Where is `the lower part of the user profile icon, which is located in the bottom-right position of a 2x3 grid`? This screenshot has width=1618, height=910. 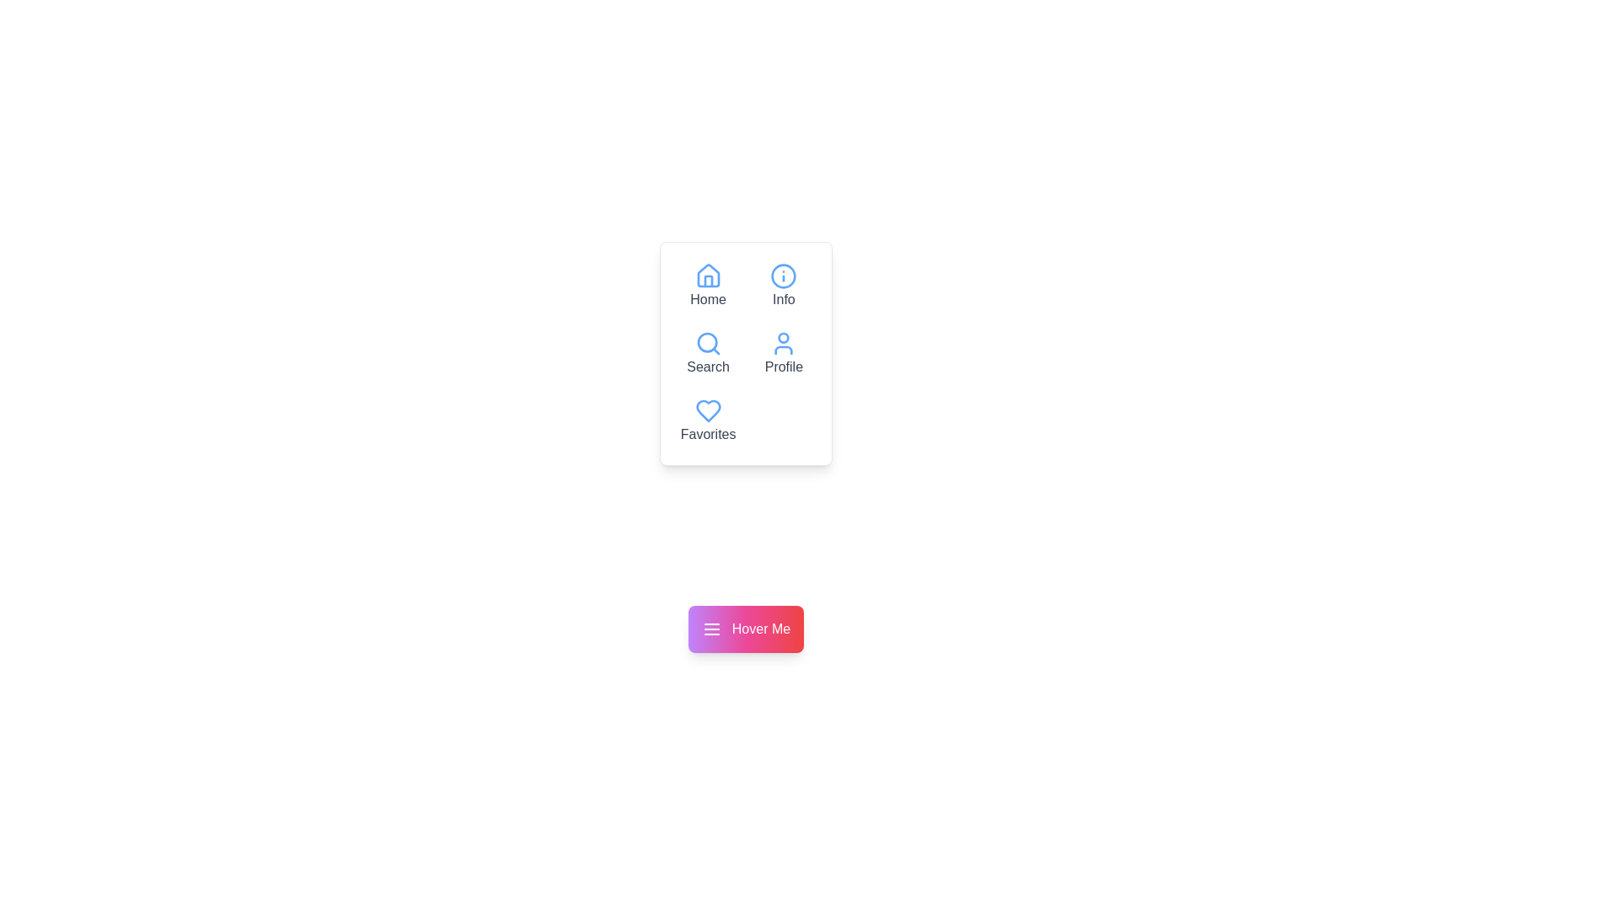 the lower part of the user profile icon, which is located in the bottom-right position of a 2x3 grid is located at coordinates (783, 350).